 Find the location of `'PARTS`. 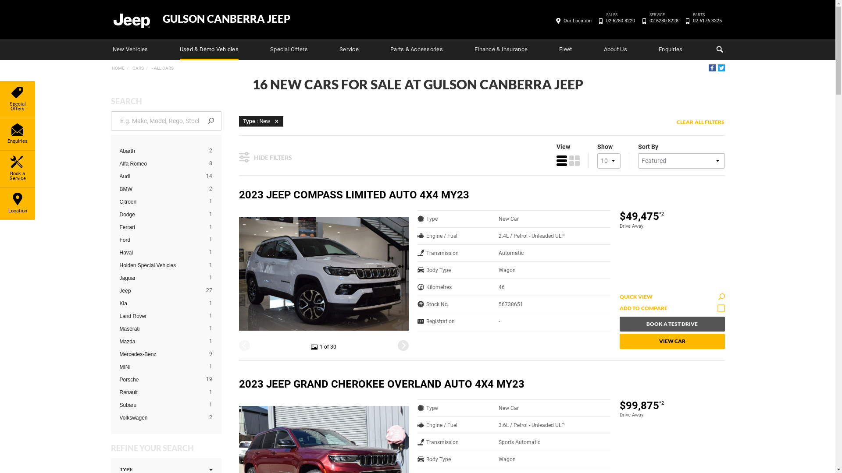

'PARTS is located at coordinates (689, 20).